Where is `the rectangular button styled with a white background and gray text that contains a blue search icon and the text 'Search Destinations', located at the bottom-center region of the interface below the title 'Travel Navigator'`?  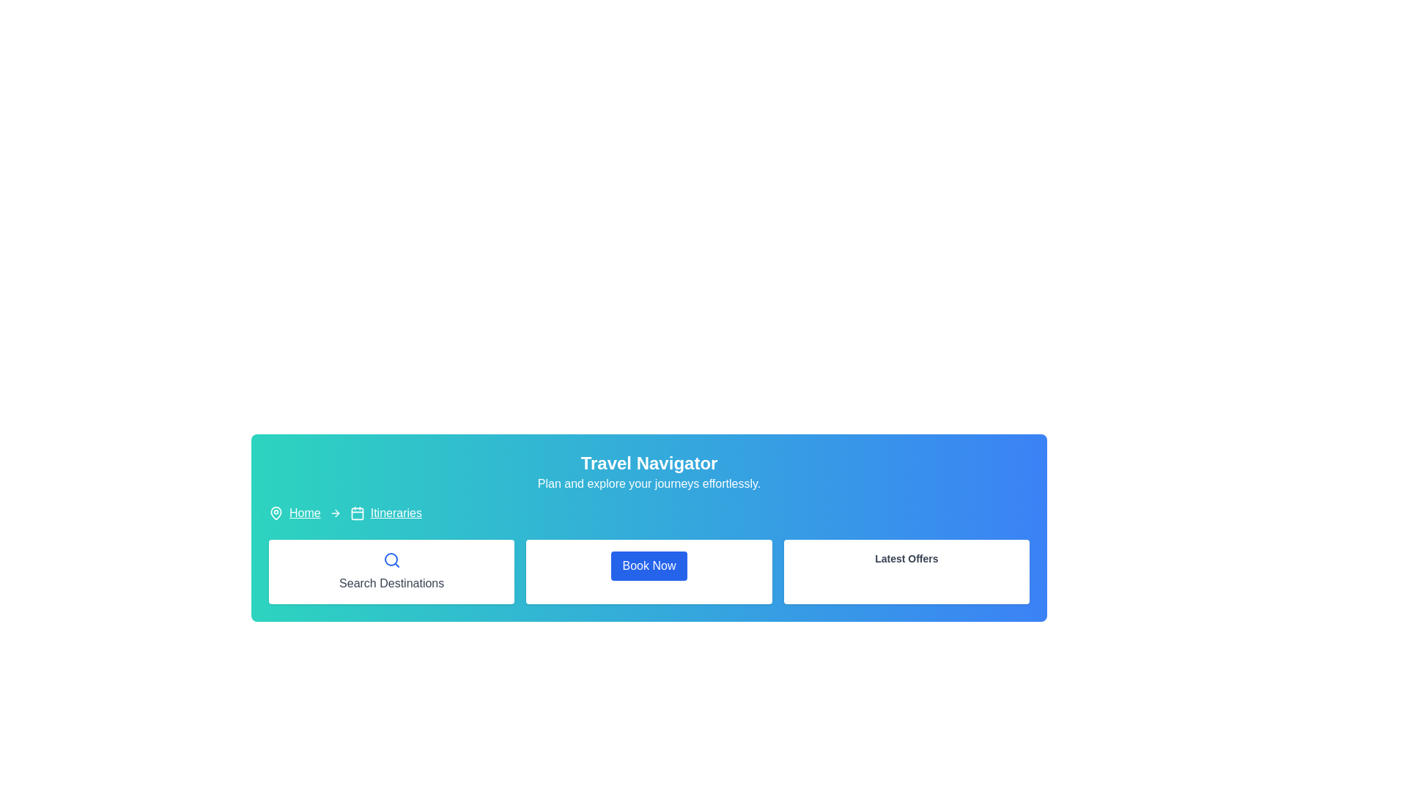
the rectangular button styled with a white background and gray text that contains a blue search icon and the text 'Search Destinations', located at the bottom-center region of the interface below the title 'Travel Navigator' is located at coordinates (391, 571).